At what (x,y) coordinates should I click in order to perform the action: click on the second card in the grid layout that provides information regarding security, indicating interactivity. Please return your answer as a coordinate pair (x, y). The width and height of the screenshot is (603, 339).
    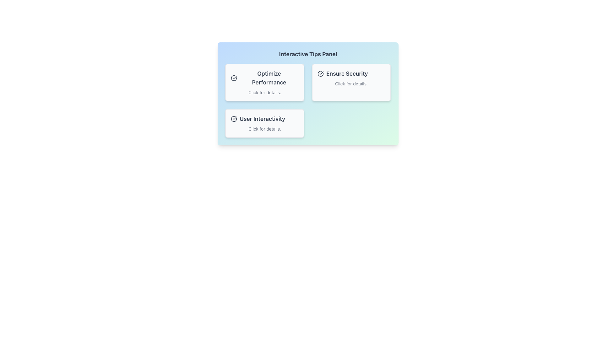
    Looking at the image, I should click on (351, 82).